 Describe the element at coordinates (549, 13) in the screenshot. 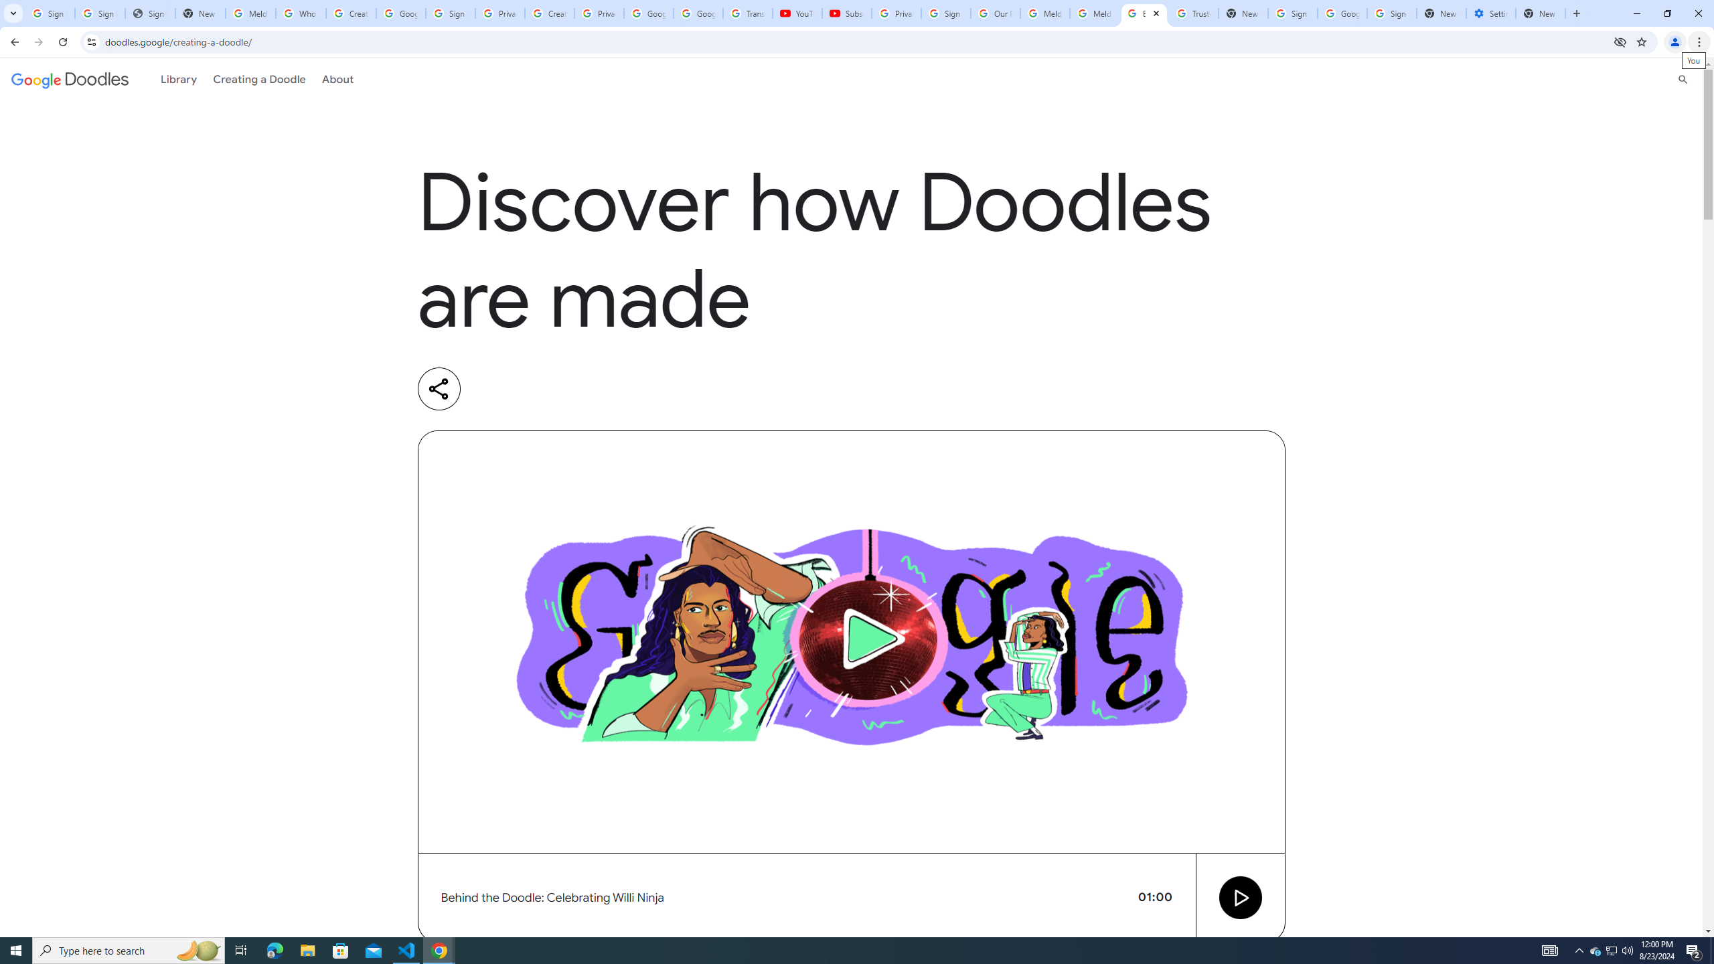

I see `'Create your Google Account'` at that location.